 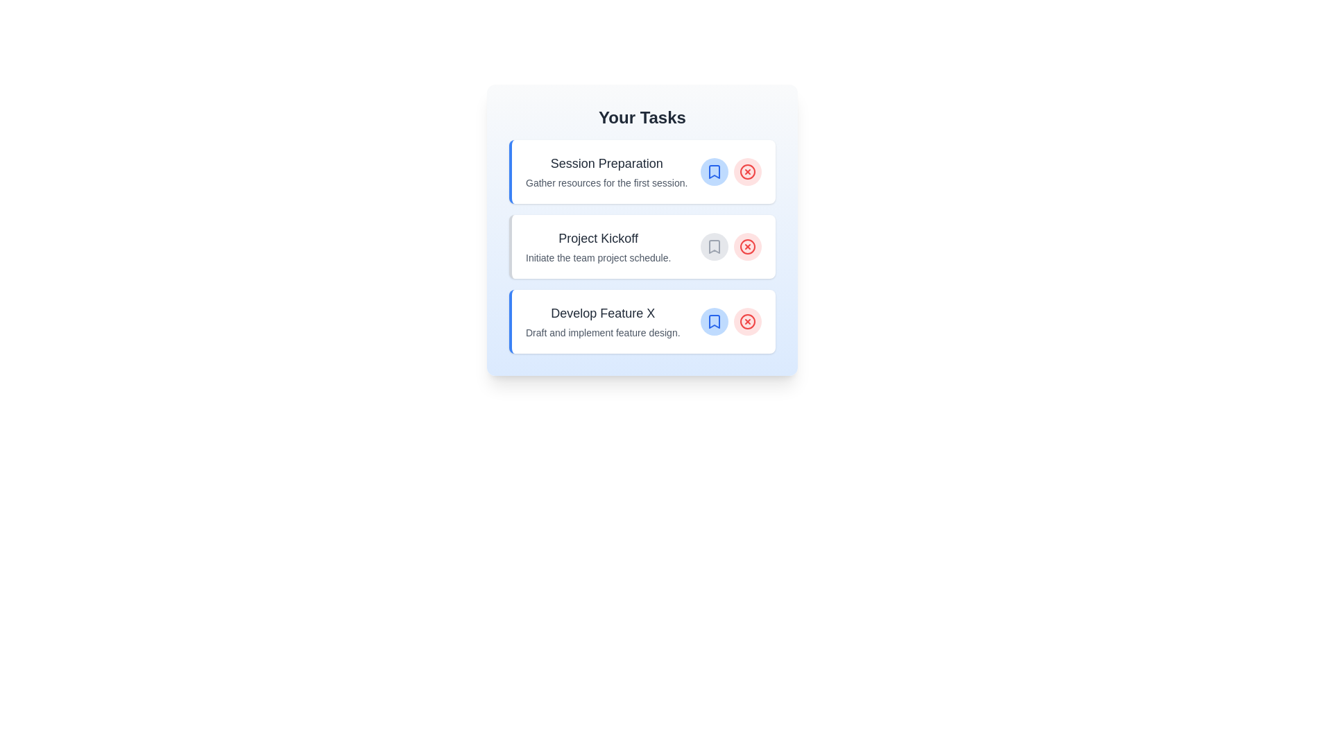 I want to click on the task titled 'Project Kickoff' to see its hover effect, so click(x=642, y=246).